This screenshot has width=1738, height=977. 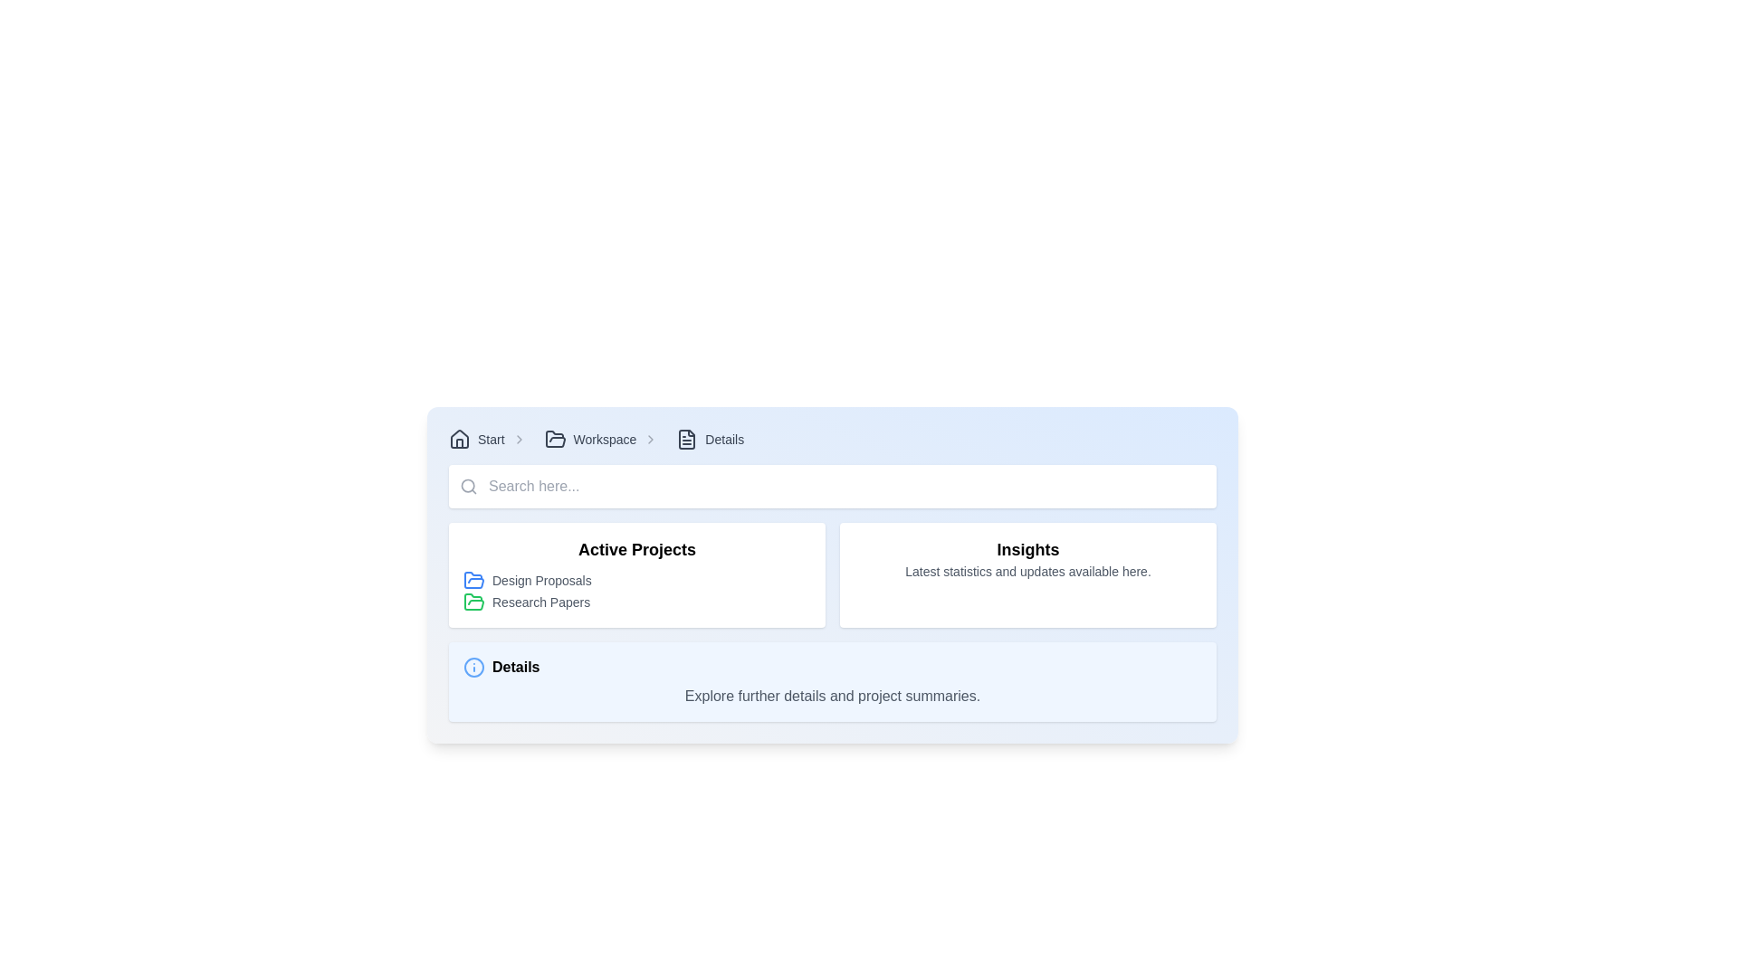 I want to click on the green open folder icon located next to the 'Design Proposals' label in the 'Active Projects' section, so click(x=473, y=602).